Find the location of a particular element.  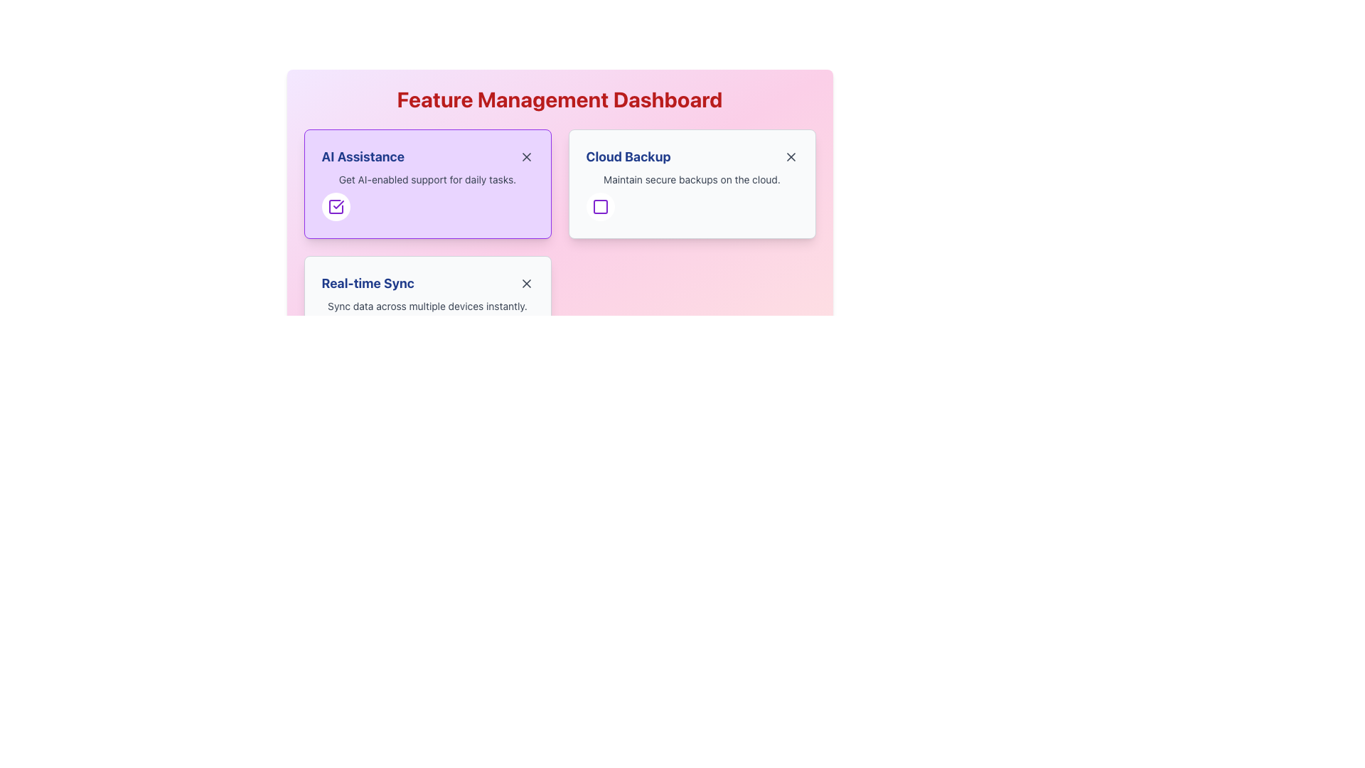

the Text Label that describes the function of the cloud backups, located directly below the 'Cloud Backup' title and above the checkbox is located at coordinates (692, 179).